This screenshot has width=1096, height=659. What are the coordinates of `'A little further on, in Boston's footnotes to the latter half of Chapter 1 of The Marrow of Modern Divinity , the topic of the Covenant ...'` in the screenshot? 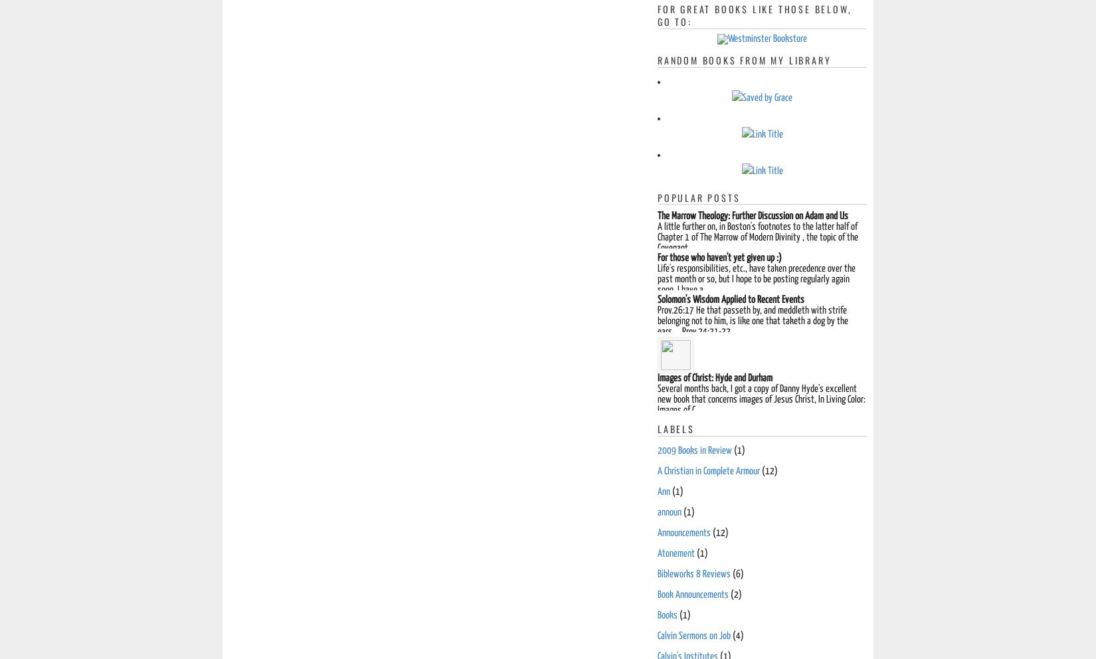 It's located at (757, 236).